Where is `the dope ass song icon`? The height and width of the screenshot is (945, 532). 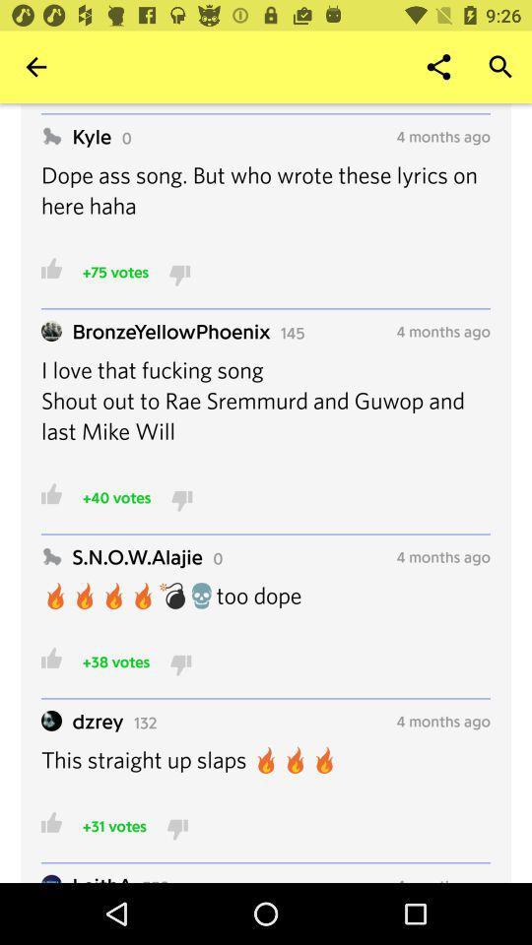 the dope ass song icon is located at coordinates (266, 203).